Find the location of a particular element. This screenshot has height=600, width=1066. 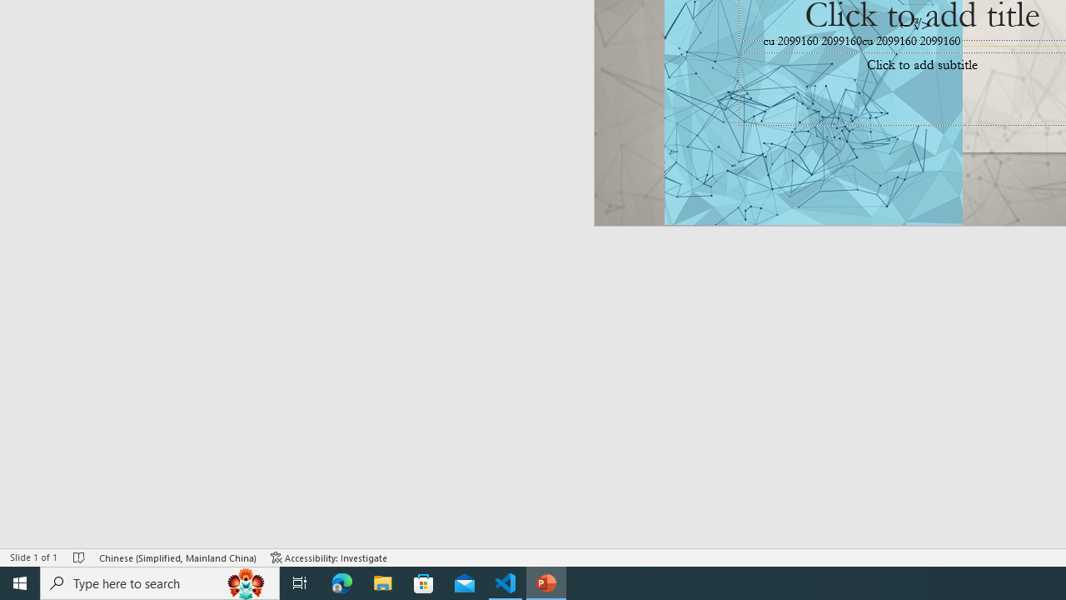

'TextBox 7' is located at coordinates (914, 25).